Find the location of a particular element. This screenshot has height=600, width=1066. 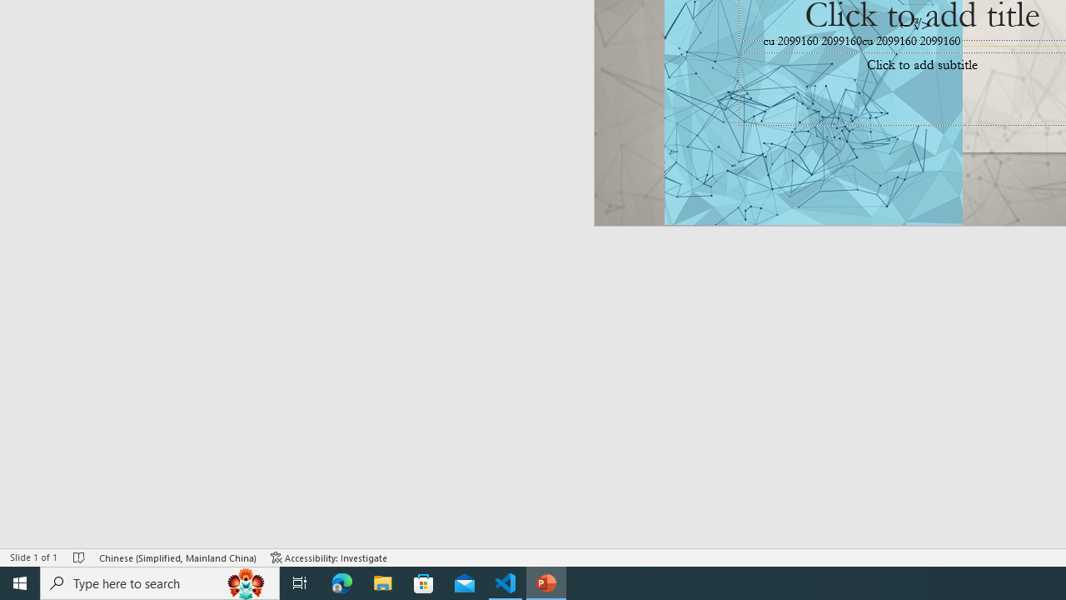

'TextBox 7' is located at coordinates (914, 25).